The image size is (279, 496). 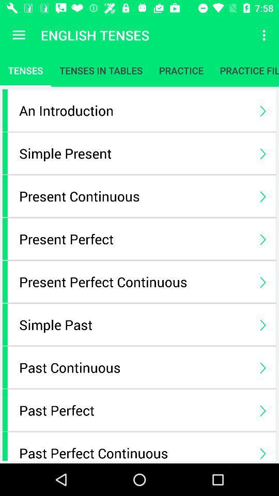 What do you see at coordinates (134, 324) in the screenshot?
I see `item above past continuous item` at bounding box center [134, 324].